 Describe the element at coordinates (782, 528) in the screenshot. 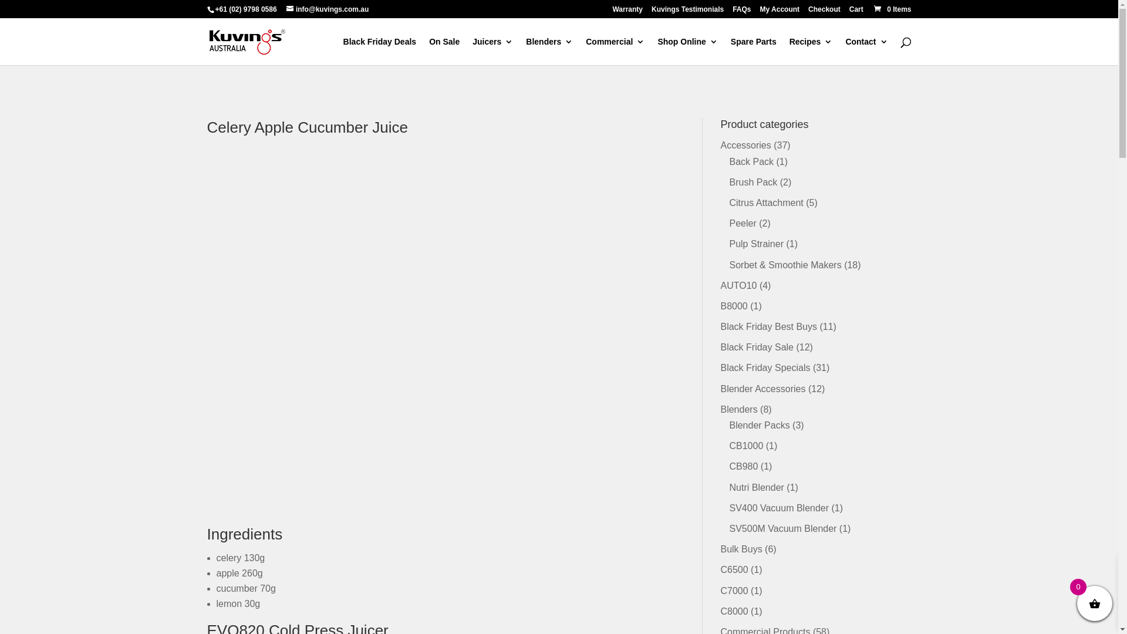

I see `'SV500M Vacuum Blender'` at that location.